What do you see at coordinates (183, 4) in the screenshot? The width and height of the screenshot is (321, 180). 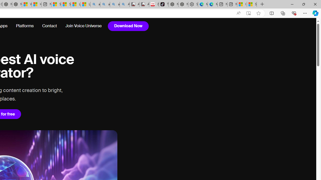 I see `'Nordace Siena Pro 15 Backpack'` at bounding box center [183, 4].